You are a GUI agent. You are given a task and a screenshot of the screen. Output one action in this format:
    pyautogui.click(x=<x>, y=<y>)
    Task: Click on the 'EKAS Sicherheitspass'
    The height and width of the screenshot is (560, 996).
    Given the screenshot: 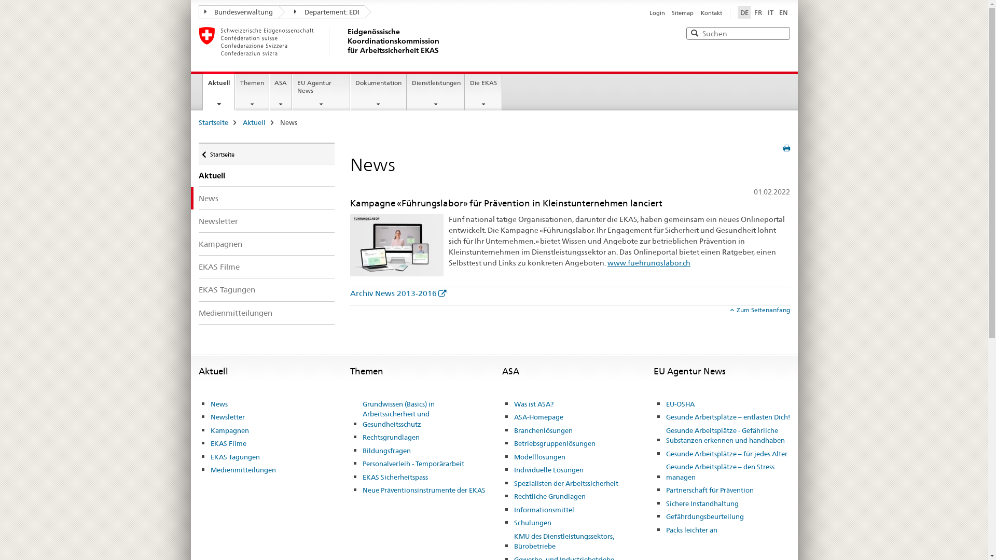 What is the action you would take?
    pyautogui.click(x=394, y=478)
    